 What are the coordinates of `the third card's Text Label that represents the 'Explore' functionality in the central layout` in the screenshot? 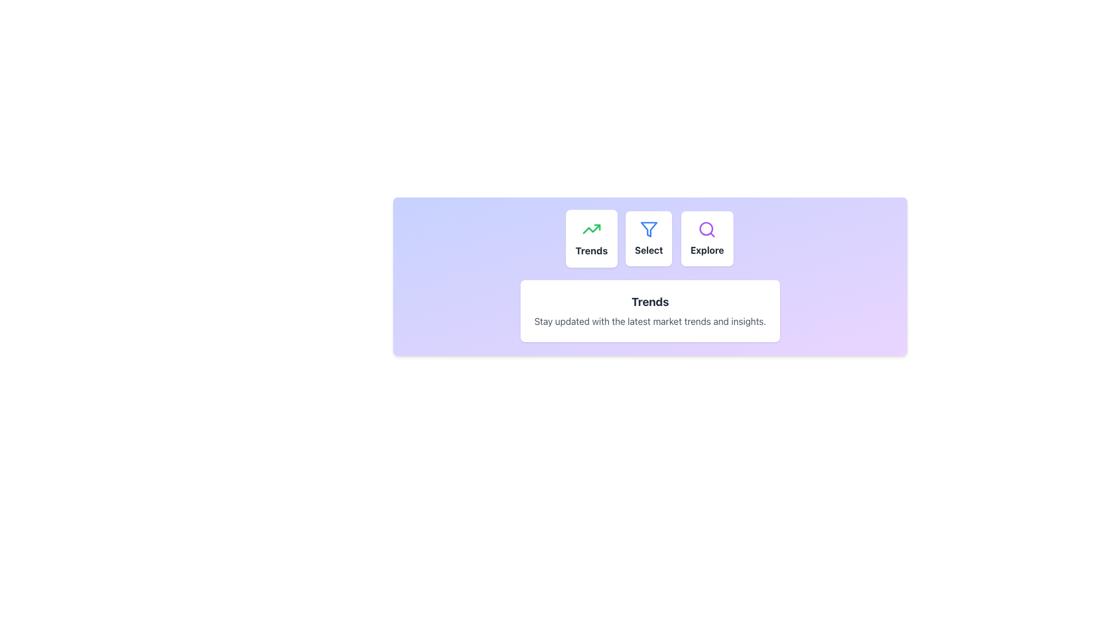 It's located at (707, 249).